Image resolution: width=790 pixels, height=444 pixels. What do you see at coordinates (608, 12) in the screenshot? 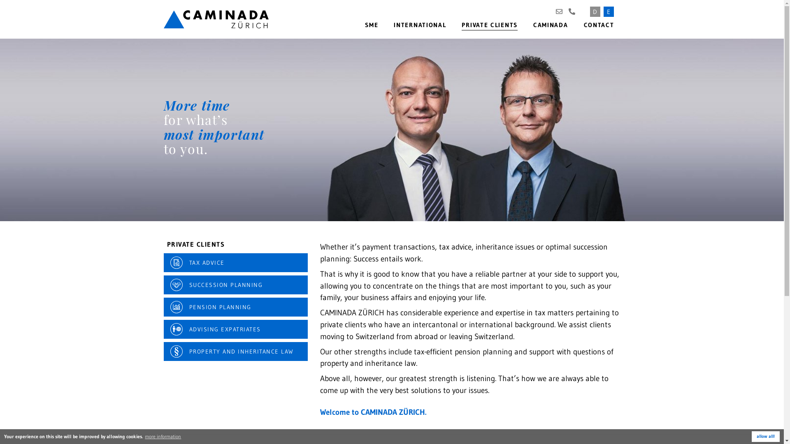
I see `'E'` at bounding box center [608, 12].